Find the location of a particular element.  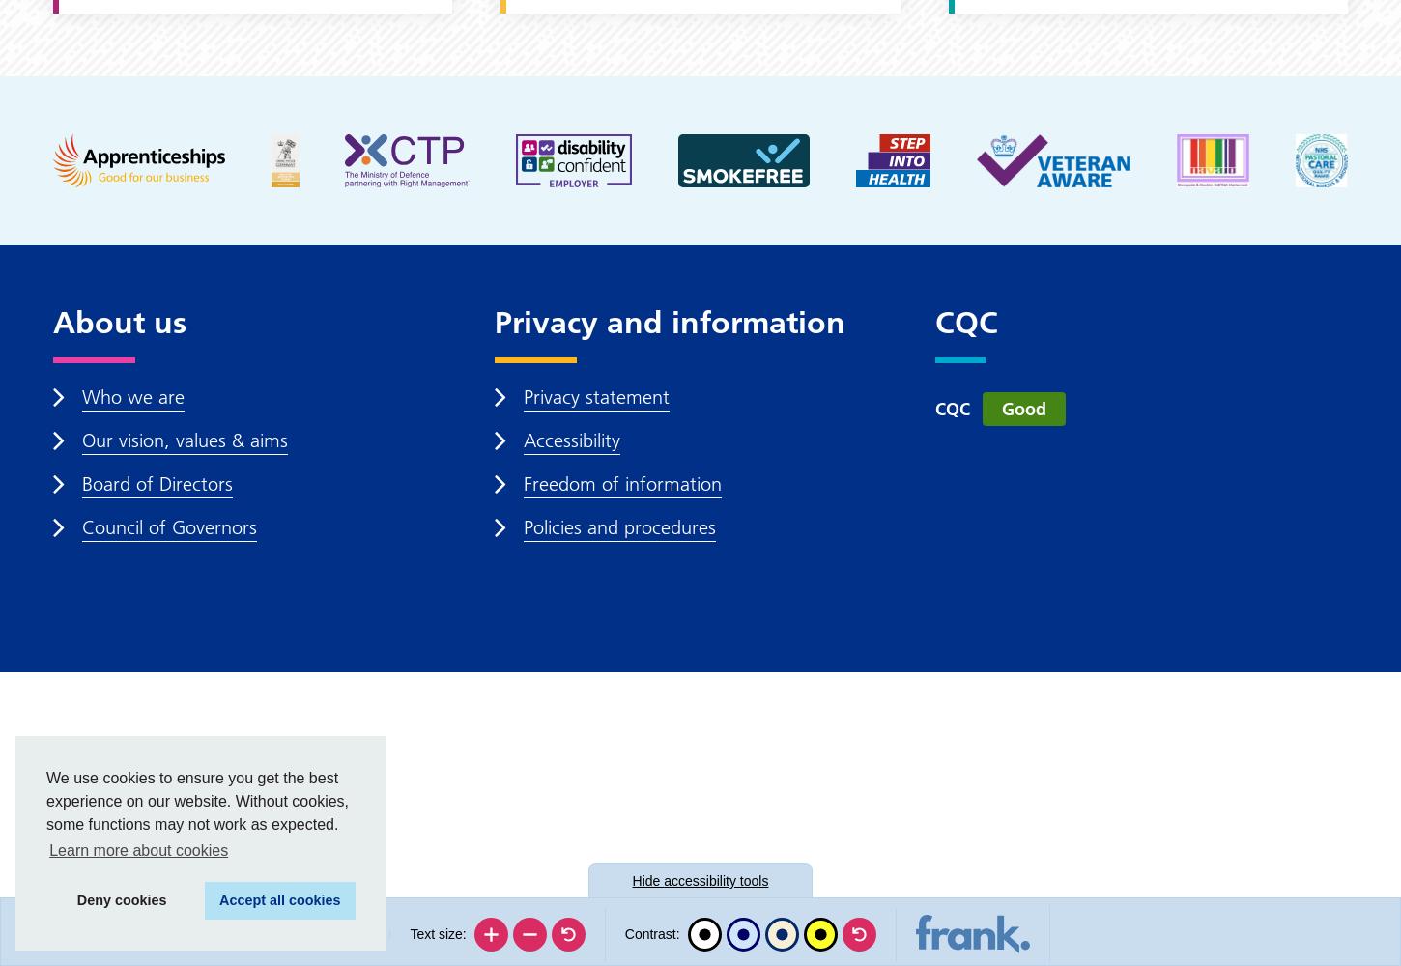

'accessibility tools' is located at coordinates (715, 881).